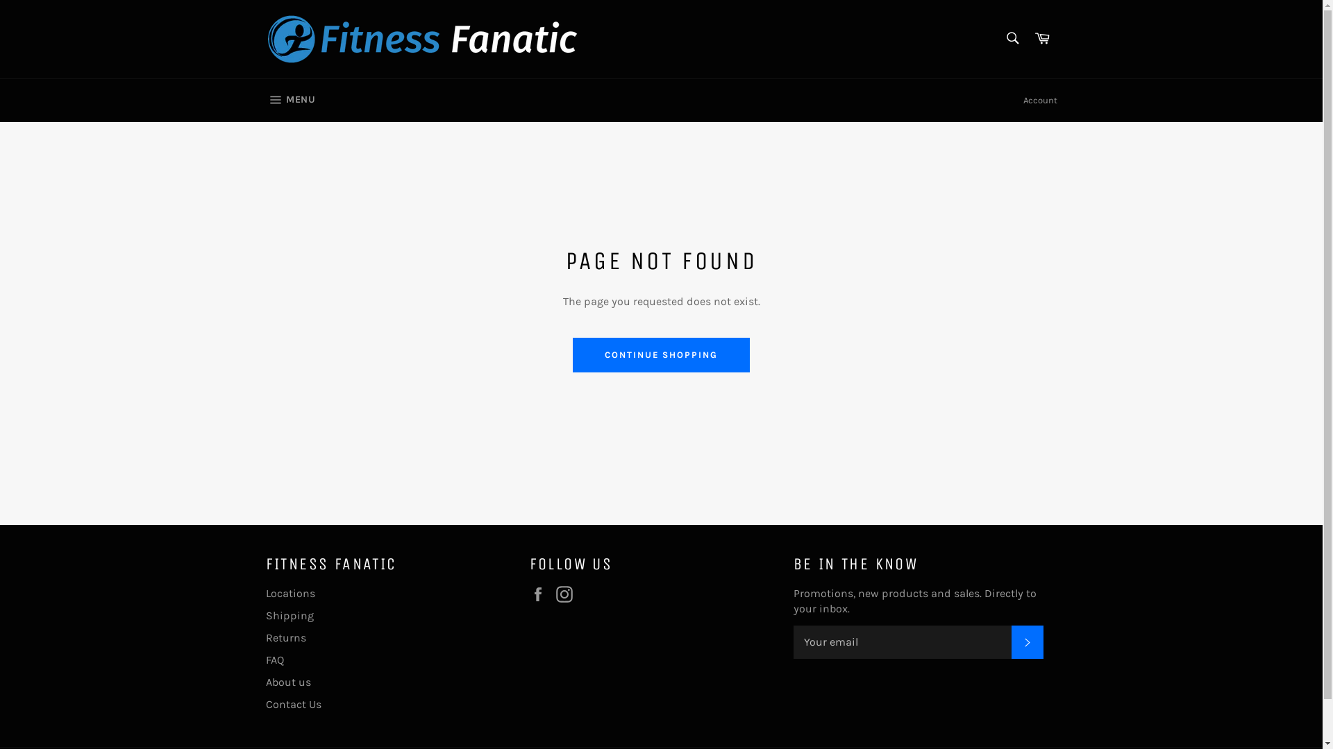 Image resolution: width=1333 pixels, height=749 pixels. What do you see at coordinates (1042, 38) in the screenshot?
I see `'Cart'` at bounding box center [1042, 38].